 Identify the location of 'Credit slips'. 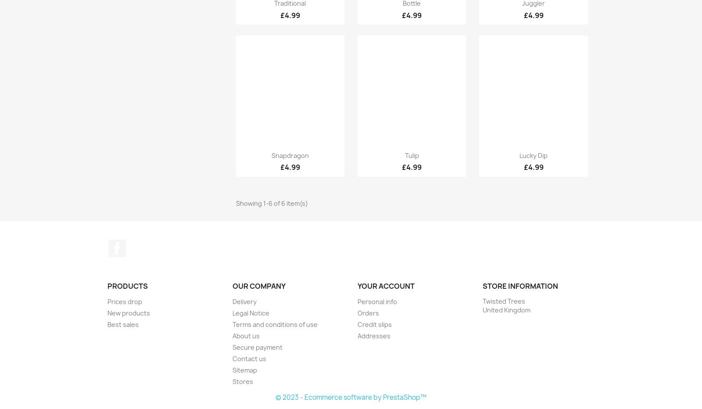
(374, 324).